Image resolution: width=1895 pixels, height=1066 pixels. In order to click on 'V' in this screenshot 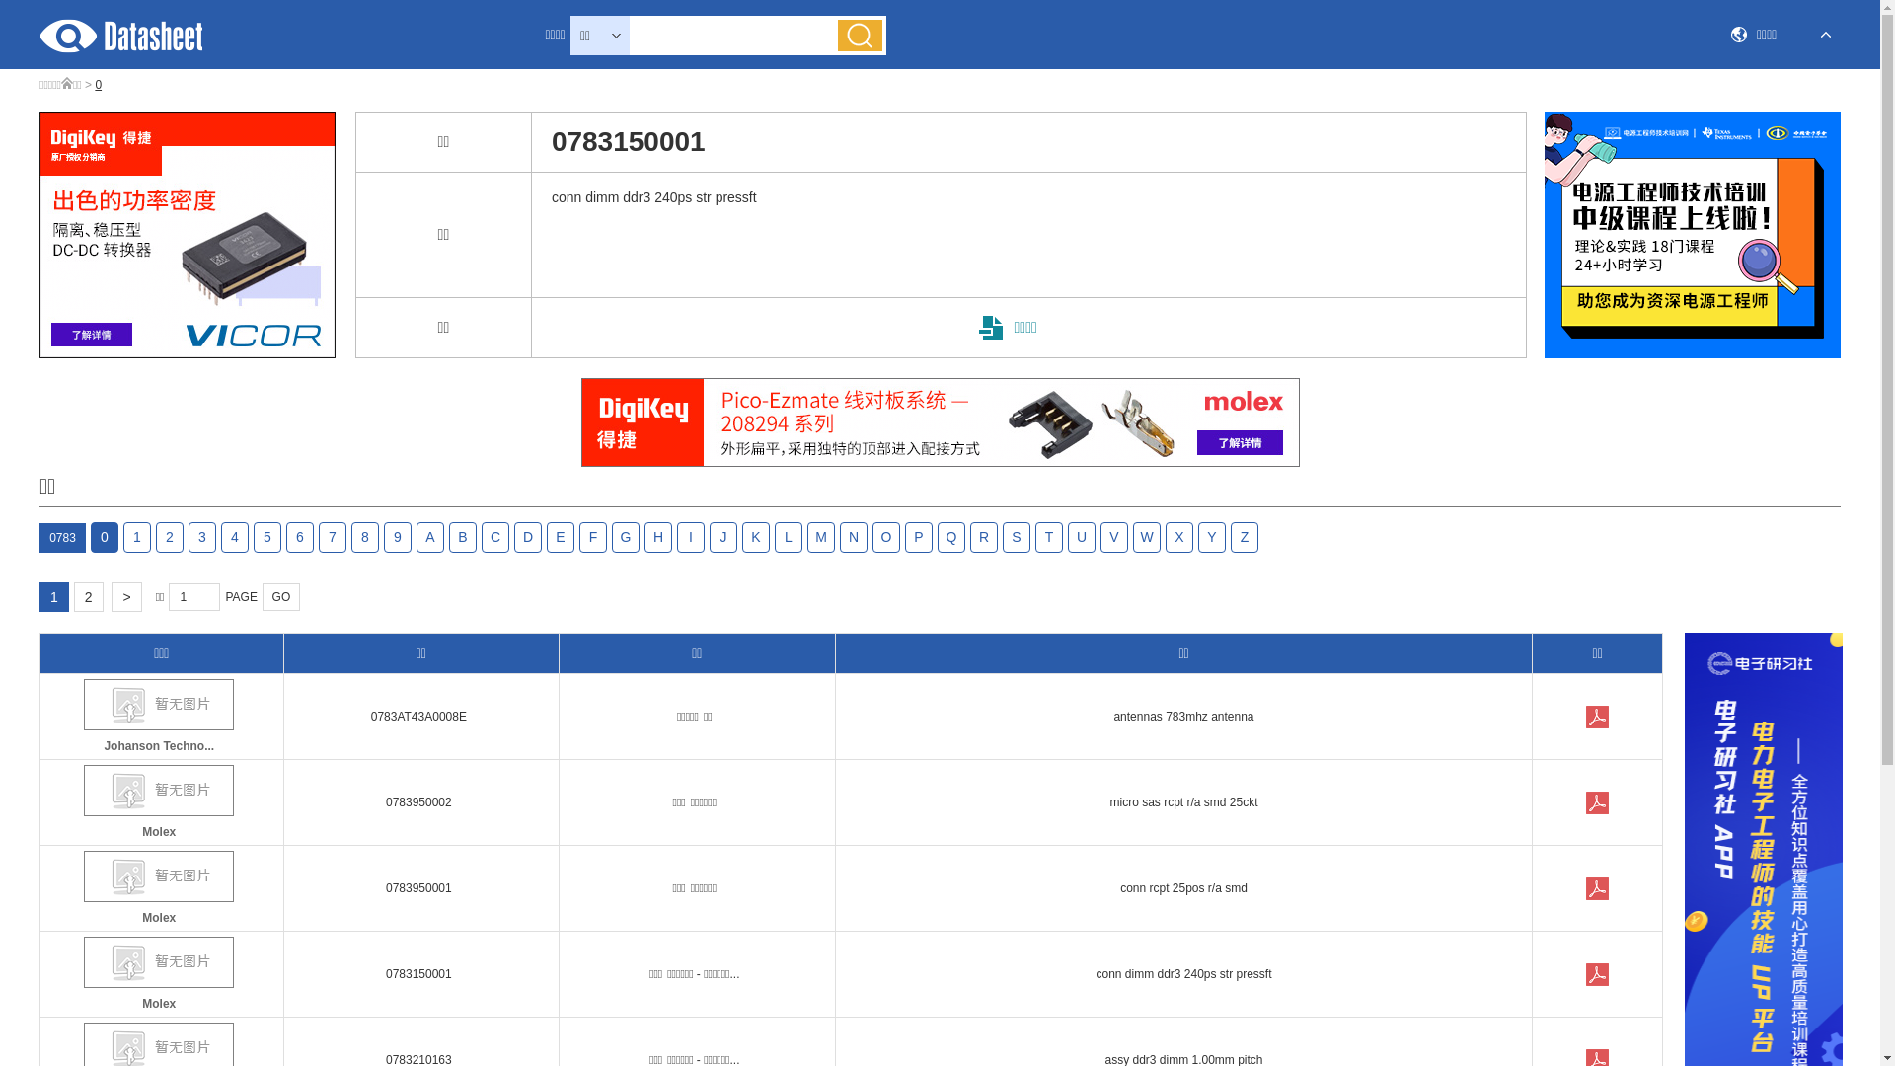, I will do `click(1113, 537)`.